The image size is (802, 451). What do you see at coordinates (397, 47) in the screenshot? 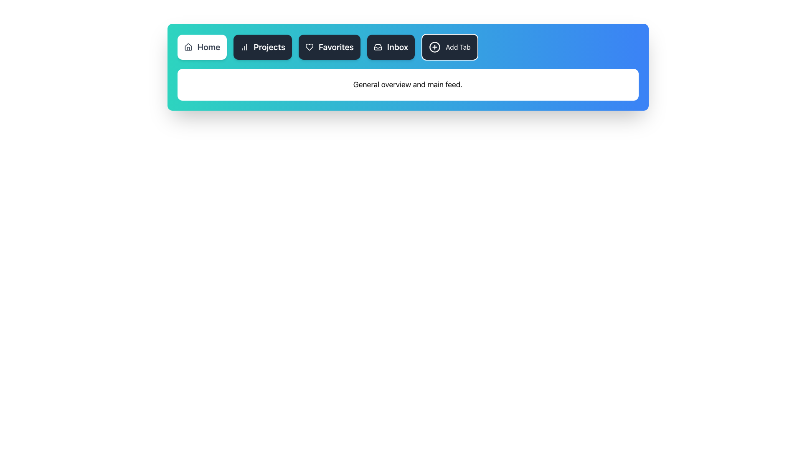
I see `text label displaying 'Inbox' located in the navigation bar towards the center-right, adjacent to 'Projects' and 'Favorites'` at bounding box center [397, 47].